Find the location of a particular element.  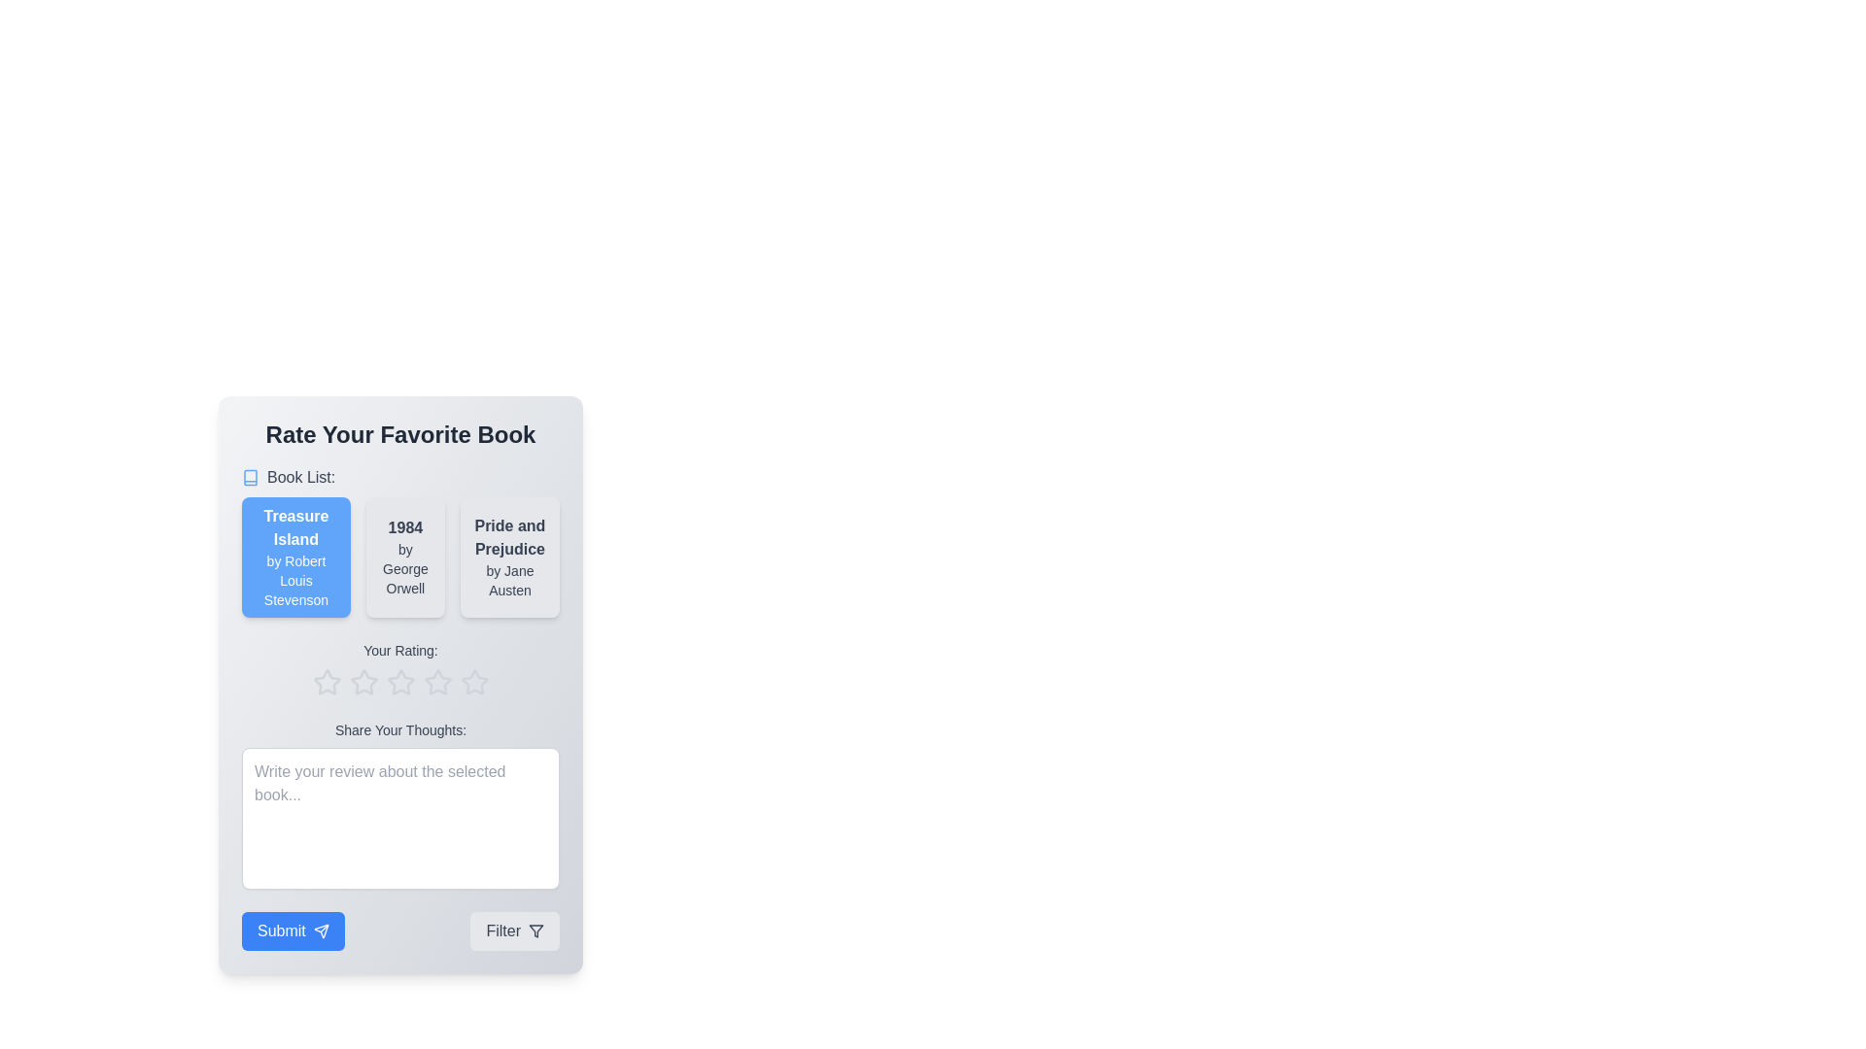

the 'Submit' icon located in the bottom-left corner of the interface, positioned to the right of the 'Submit' text label is located at coordinates (321, 931).